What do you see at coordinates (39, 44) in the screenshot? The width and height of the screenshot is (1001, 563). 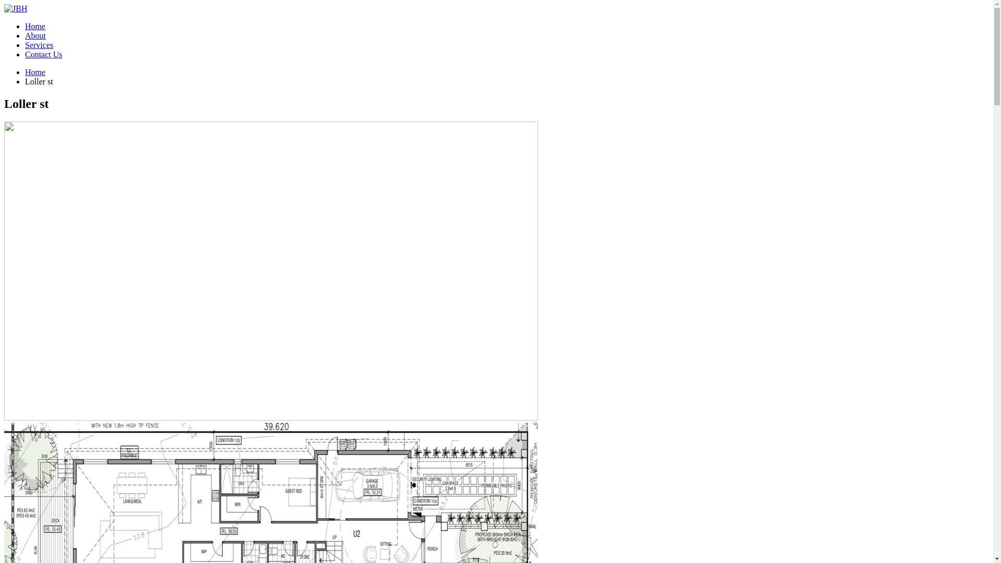 I see `'Services'` at bounding box center [39, 44].